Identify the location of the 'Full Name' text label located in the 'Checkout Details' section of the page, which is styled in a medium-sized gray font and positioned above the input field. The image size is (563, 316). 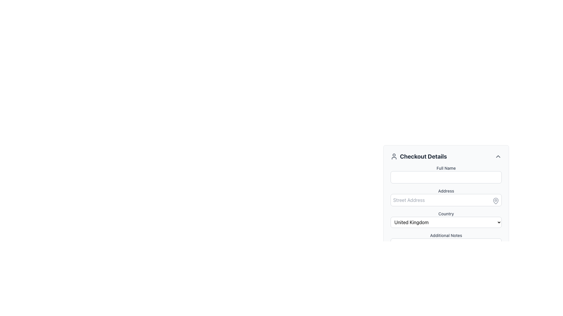
(446, 168).